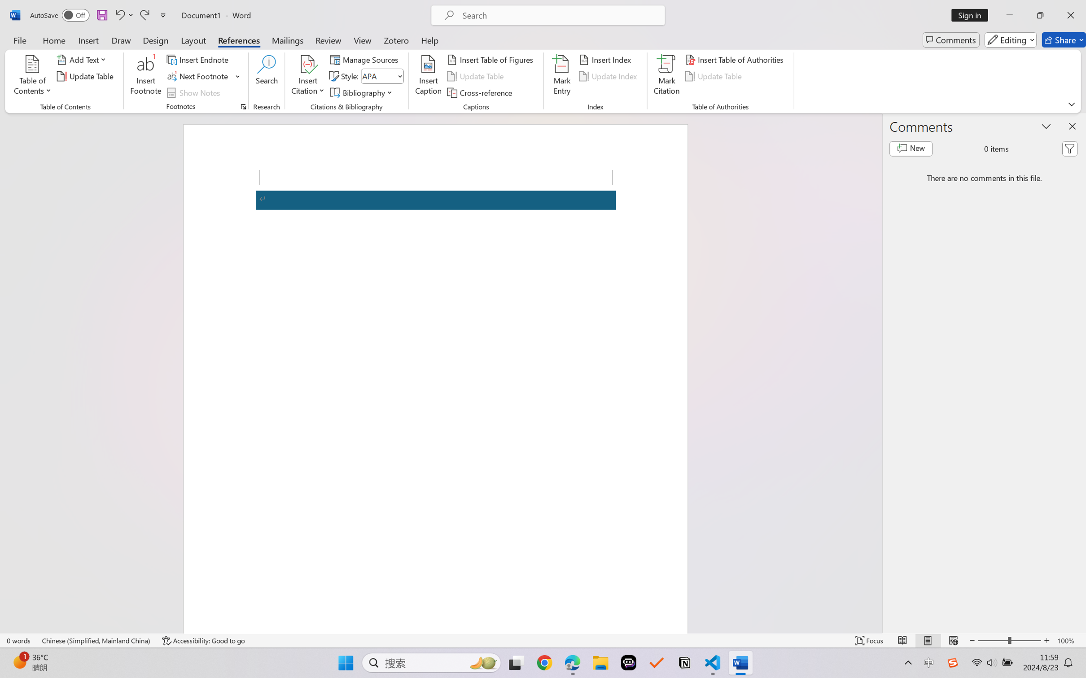 This screenshot has width=1086, height=678. I want to click on 'Insert Footnote', so click(145, 76).